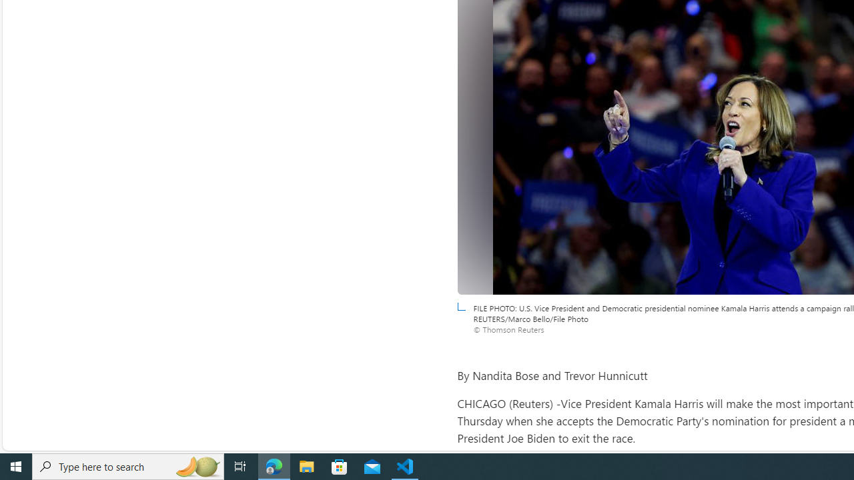  Describe the element at coordinates (340, 465) in the screenshot. I see `'Microsoft Store'` at that location.